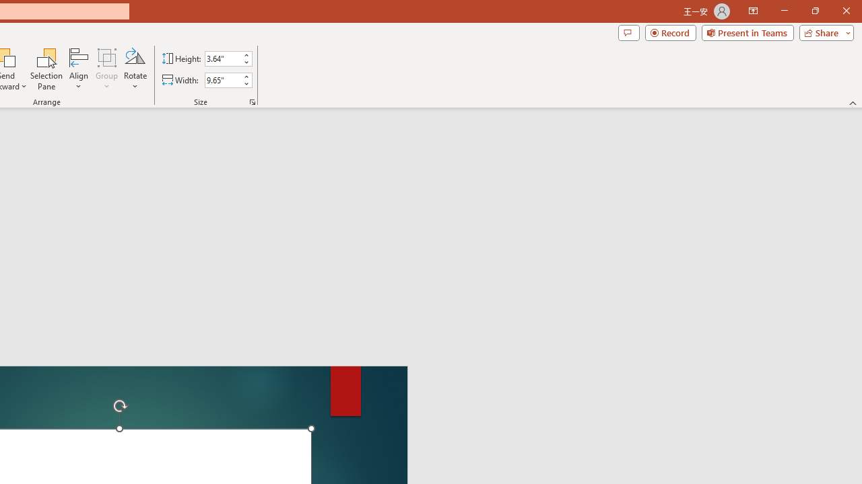 This screenshot has width=862, height=484. Describe the element at coordinates (253, 101) in the screenshot. I see `'Size and Position...'` at that location.